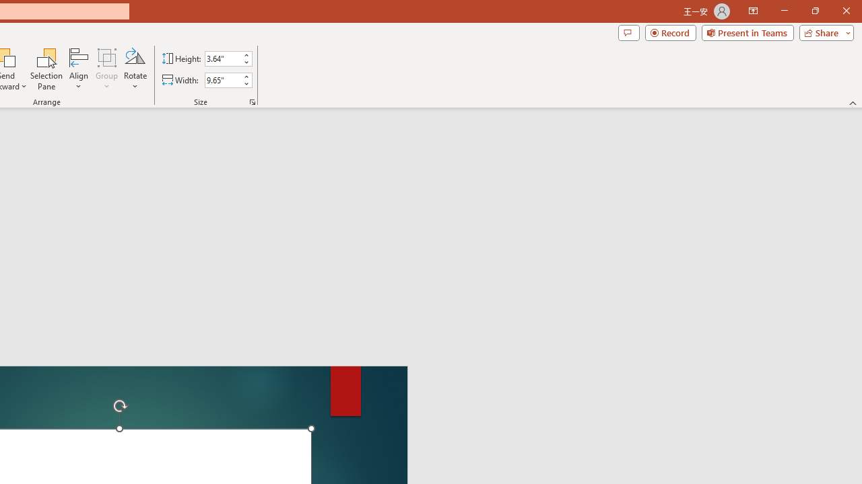 This screenshot has width=862, height=484. Describe the element at coordinates (253, 101) in the screenshot. I see `'Size and Position...'` at that location.